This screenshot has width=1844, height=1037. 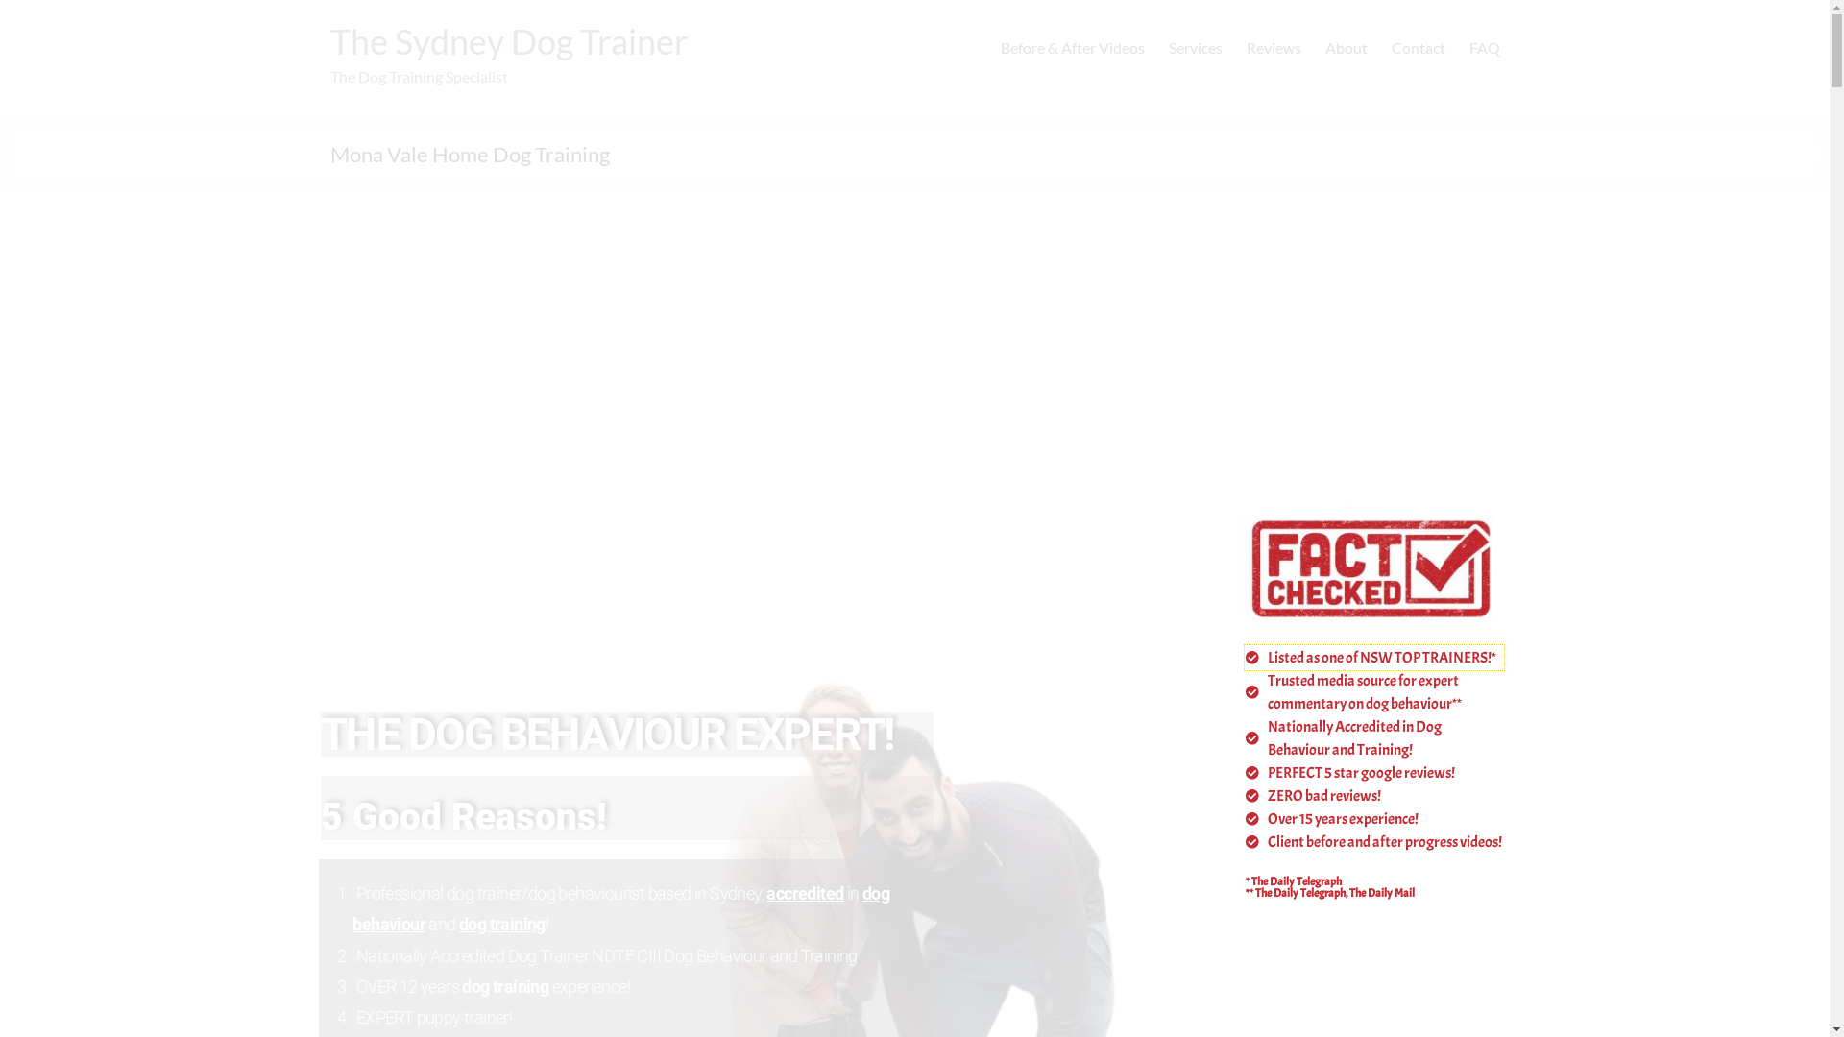 I want to click on 'FAQ', so click(x=1483, y=47).